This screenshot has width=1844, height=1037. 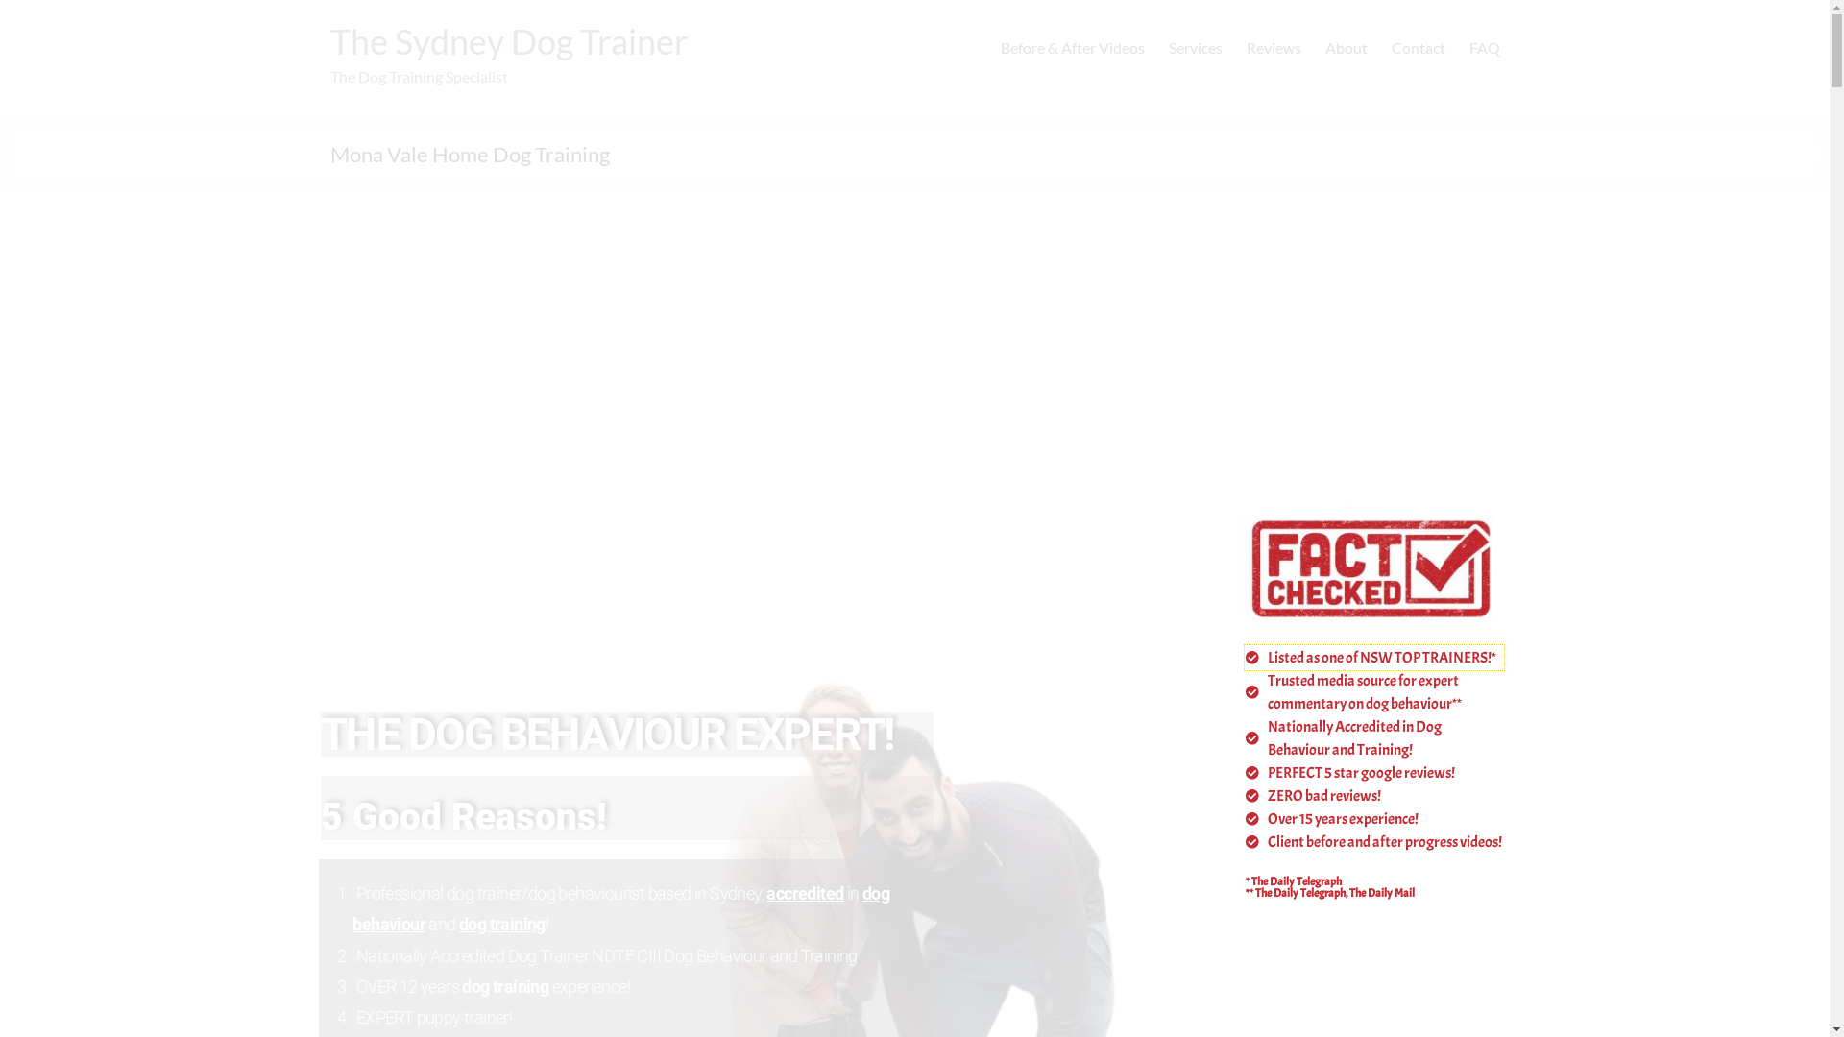 I want to click on 'FAQ', so click(x=1483, y=47).